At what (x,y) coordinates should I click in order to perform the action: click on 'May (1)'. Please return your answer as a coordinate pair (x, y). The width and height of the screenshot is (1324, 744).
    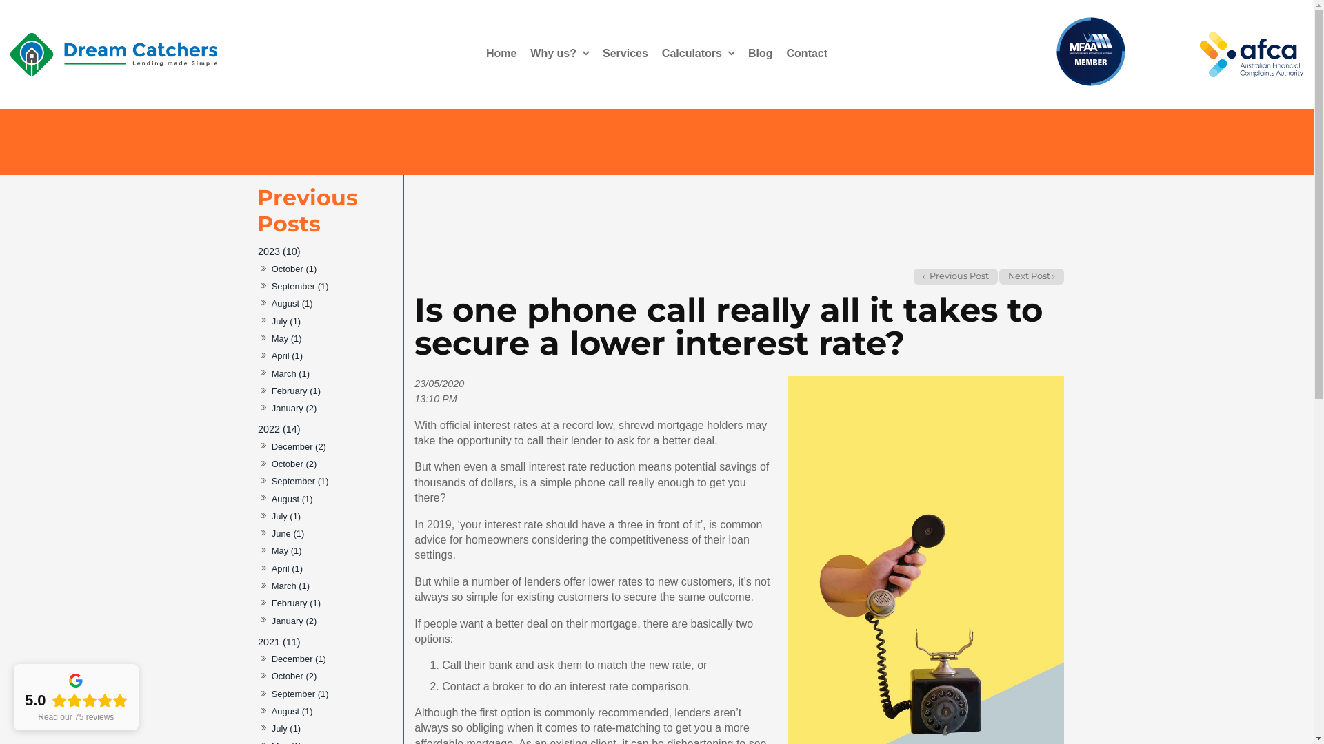
    Looking at the image, I should click on (285, 550).